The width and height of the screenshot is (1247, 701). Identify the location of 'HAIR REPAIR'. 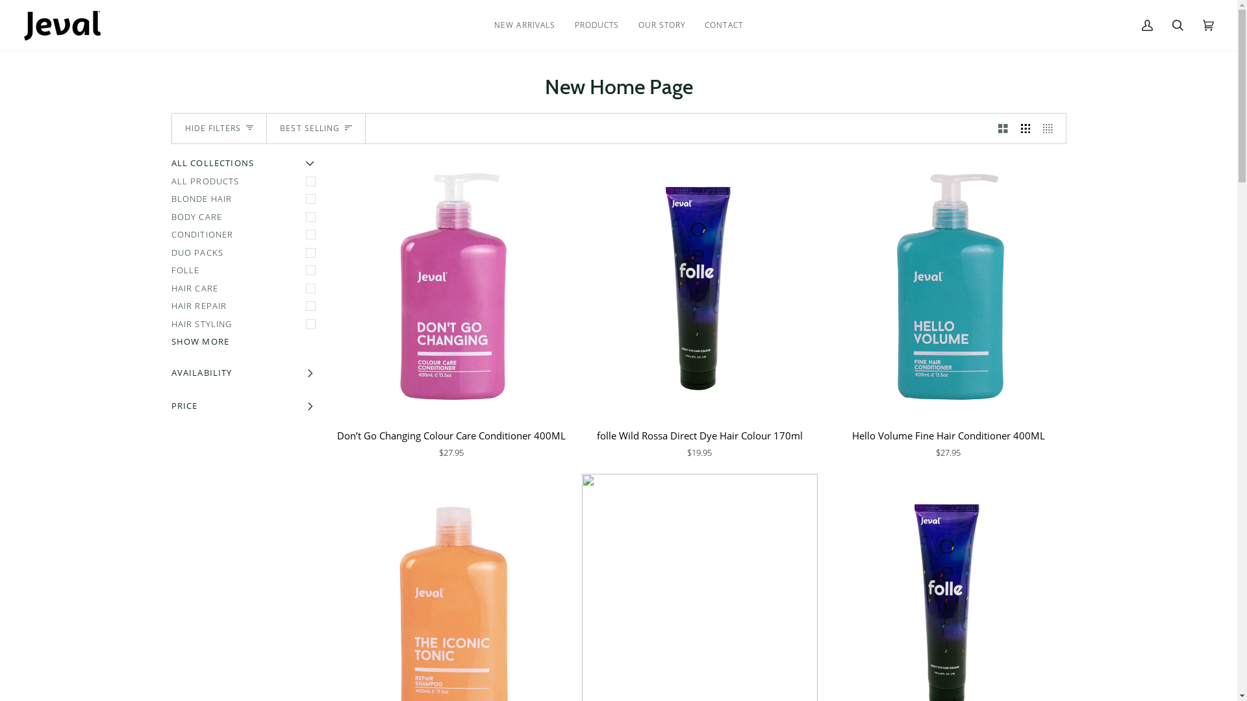
(246, 306).